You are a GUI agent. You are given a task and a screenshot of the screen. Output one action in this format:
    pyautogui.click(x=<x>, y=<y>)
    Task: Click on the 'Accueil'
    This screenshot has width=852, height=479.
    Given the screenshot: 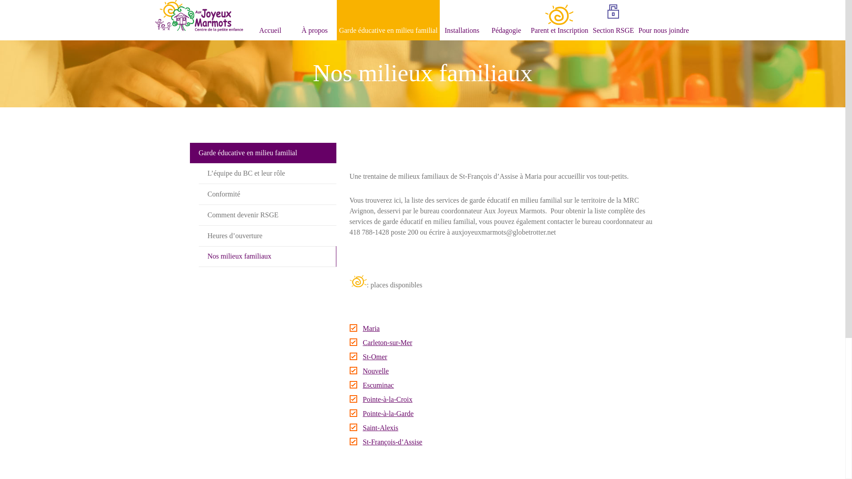 What is the action you would take?
    pyautogui.click(x=270, y=20)
    